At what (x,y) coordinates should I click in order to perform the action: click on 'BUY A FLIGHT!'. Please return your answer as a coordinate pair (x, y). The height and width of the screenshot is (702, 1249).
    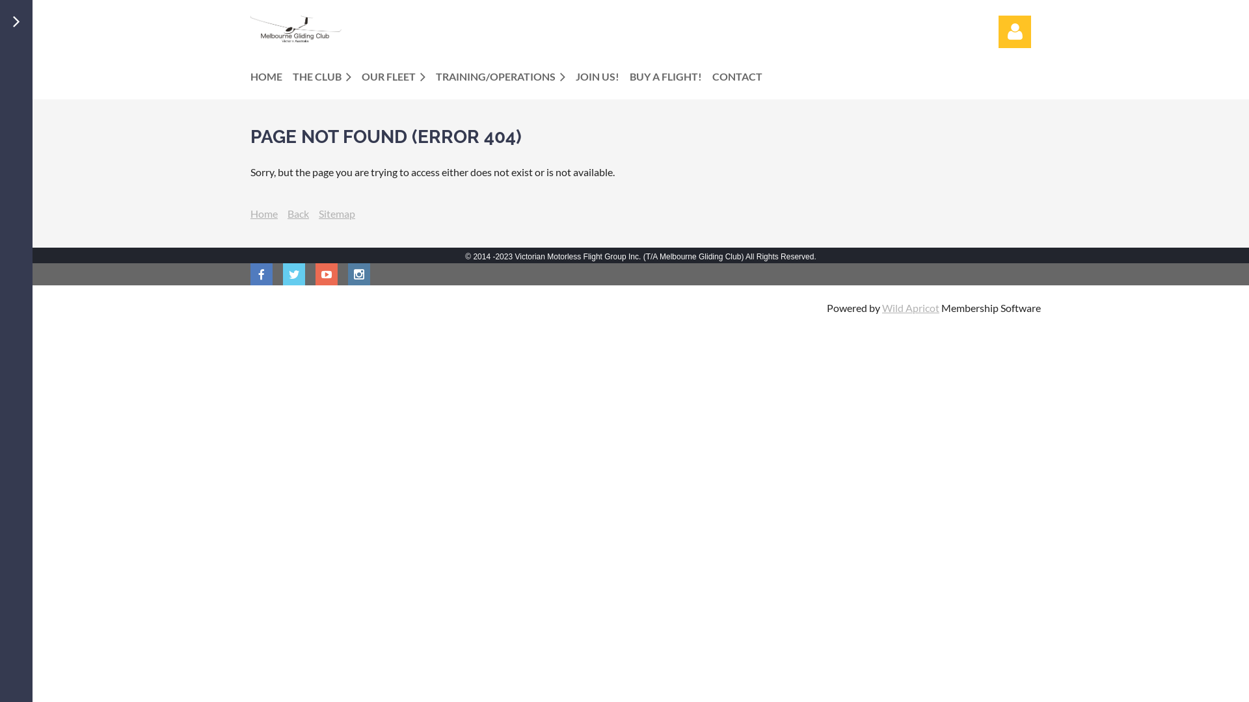
    Looking at the image, I should click on (630, 76).